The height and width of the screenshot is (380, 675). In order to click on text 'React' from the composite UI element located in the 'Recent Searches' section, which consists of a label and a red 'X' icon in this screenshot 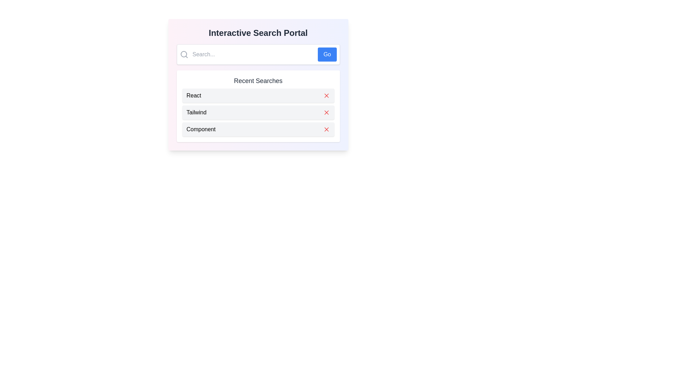, I will do `click(258, 96)`.